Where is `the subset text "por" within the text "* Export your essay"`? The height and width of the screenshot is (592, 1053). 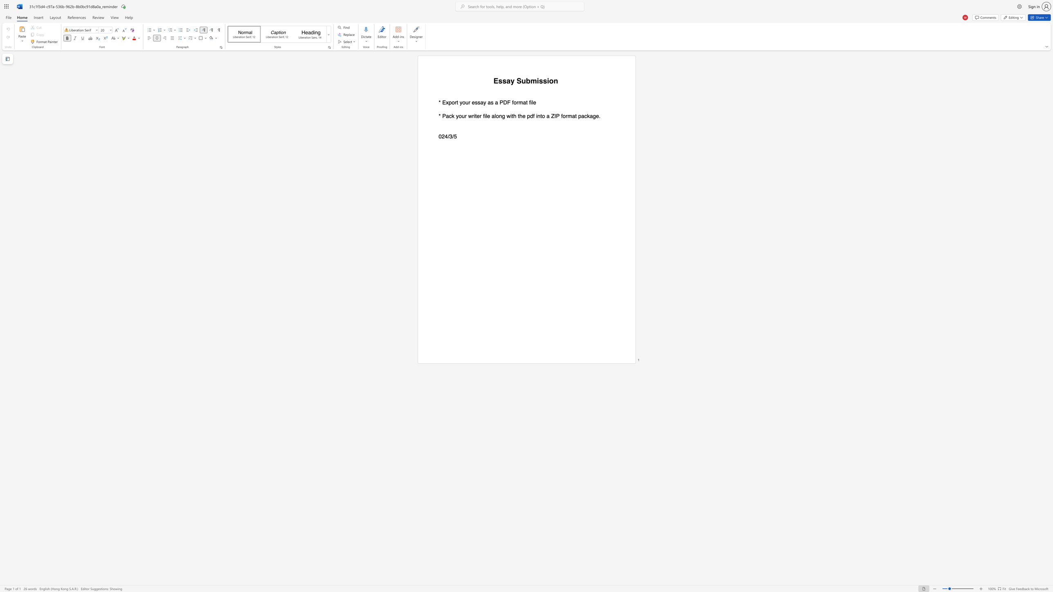 the subset text "por" within the text "* Export your essay" is located at coordinates (448, 103).